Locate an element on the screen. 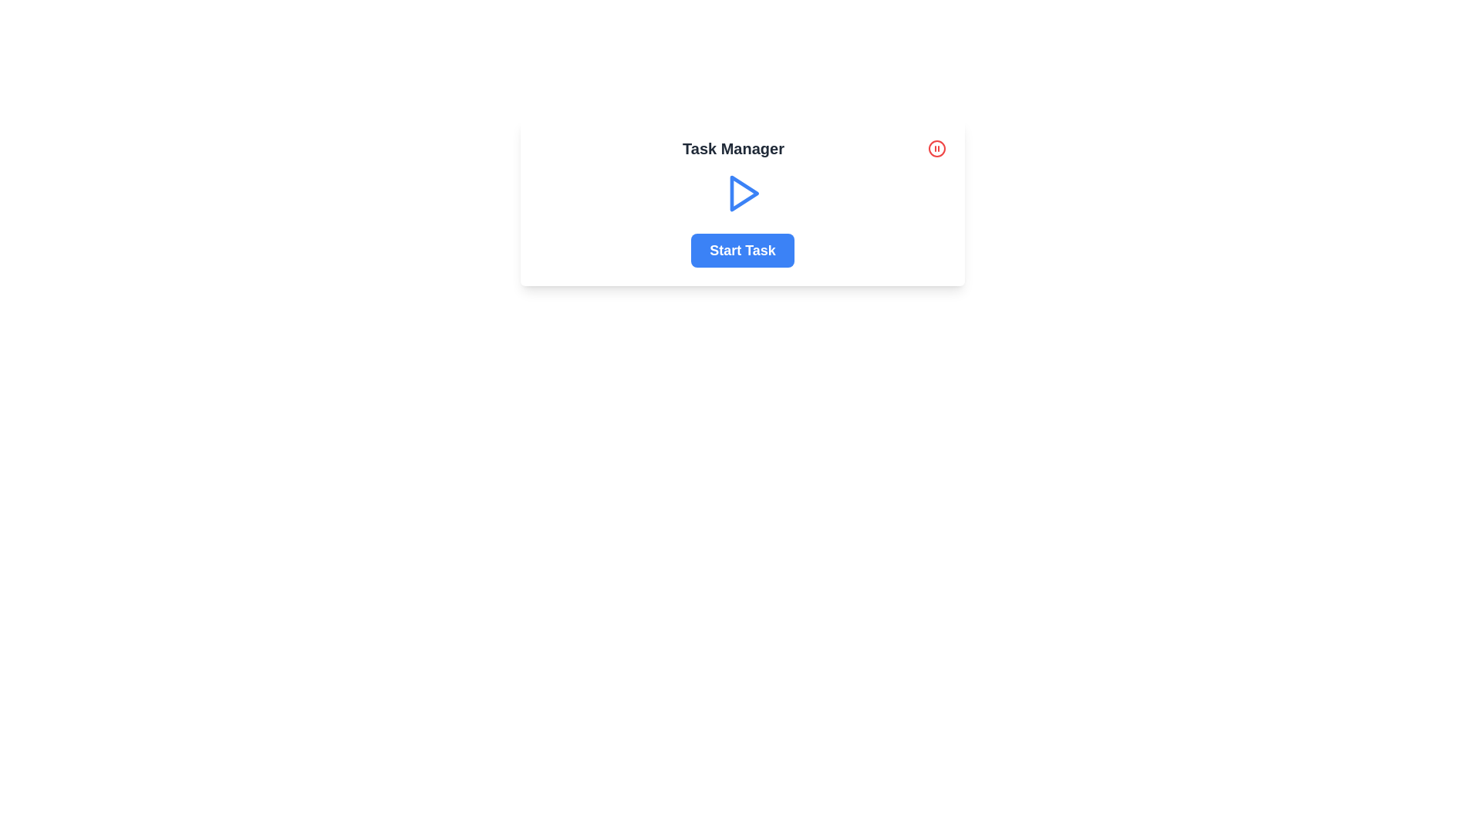 Image resolution: width=1481 pixels, height=833 pixels. the 'Start Task' button, which is a rectangular button with rounded corners, a blue background, and white bold text, located below a play icon in the Task Manager interface is located at coordinates (743, 249).